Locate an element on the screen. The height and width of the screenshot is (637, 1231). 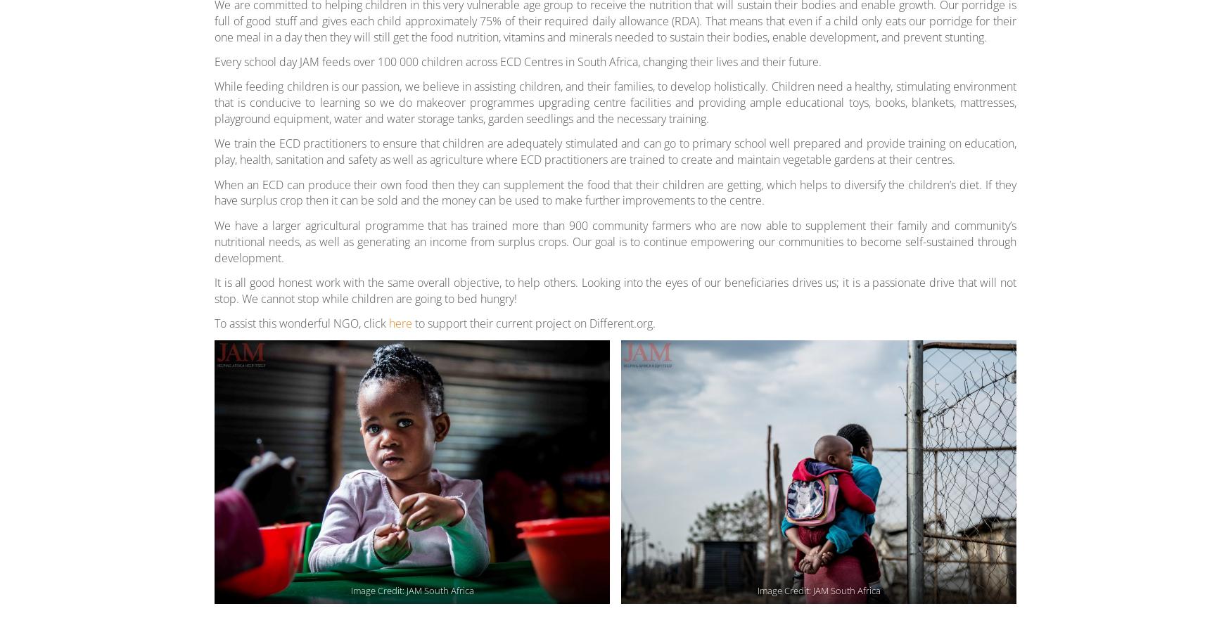
'When an ECD can produce their own food then they can supplement the food that their children are getting, which helps to diversify the children’s diet. If they have surplus crop then it can be sold and the money can be used to make further improvements to the centre.' is located at coordinates (615, 191).